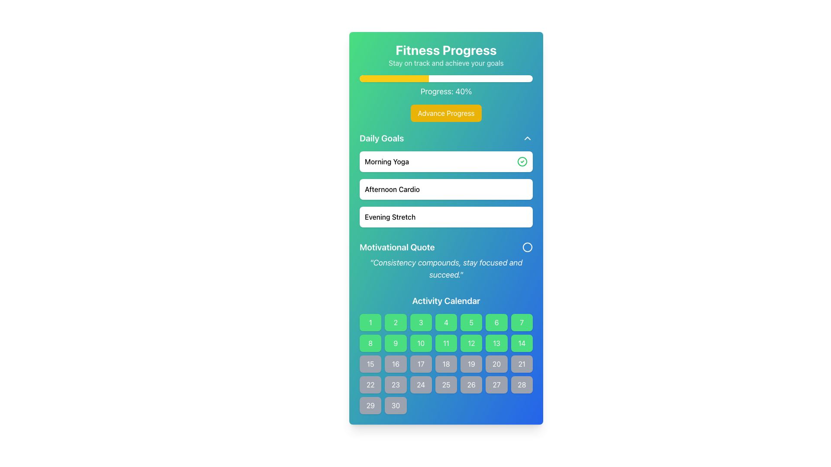  I want to click on the clickable date button labeled '10' in the 'Activity Calendar', so click(421, 343).